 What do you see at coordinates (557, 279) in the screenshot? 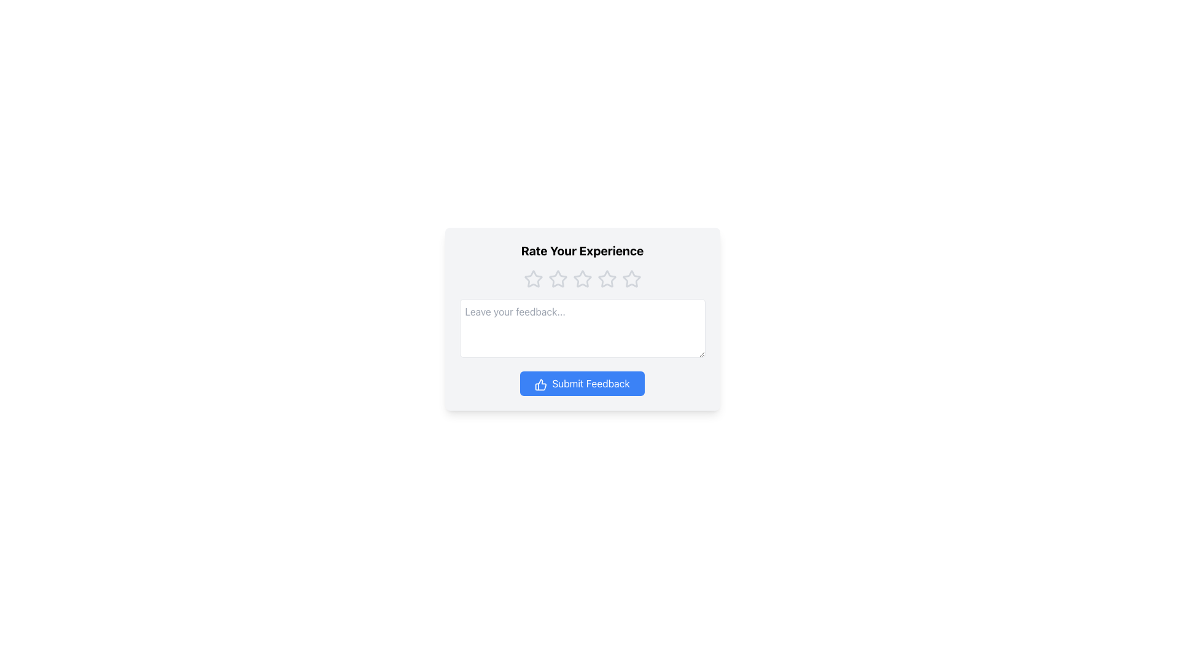
I see `the first star icon in the rating interface` at bounding box center [557, 279].